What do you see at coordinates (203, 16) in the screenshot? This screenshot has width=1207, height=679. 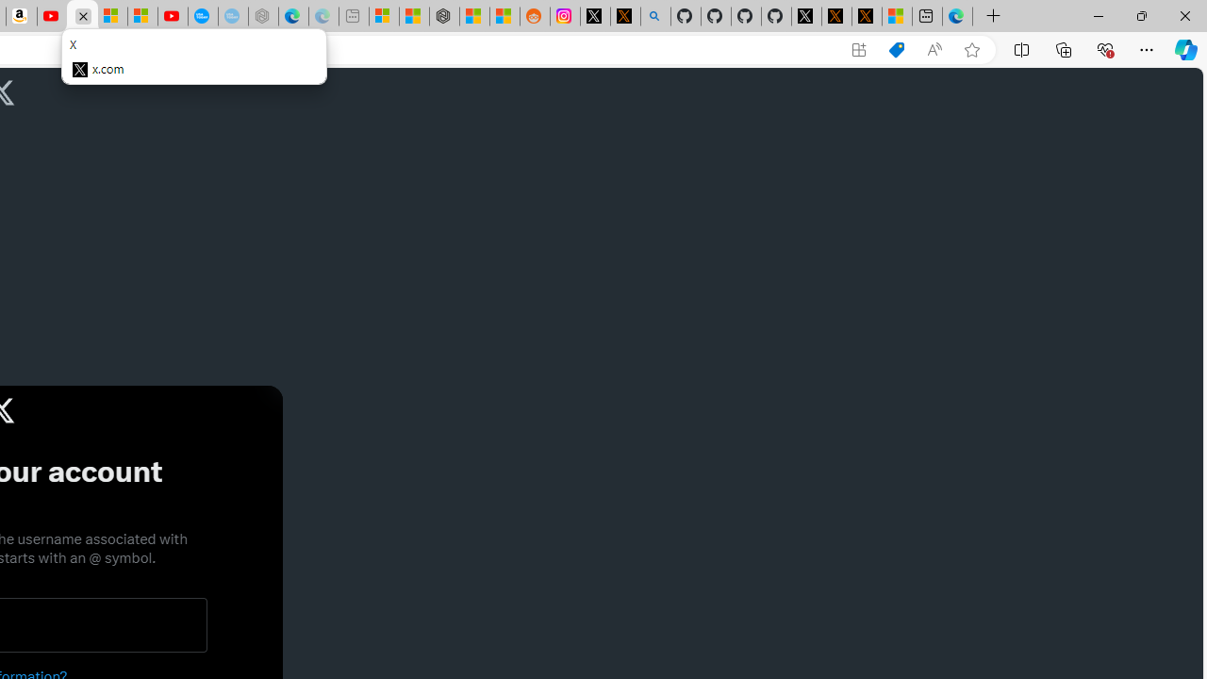 I see `'Opinion: Op-Ed and Commentary - USA TODAY'` at bounding box center [203, 16].